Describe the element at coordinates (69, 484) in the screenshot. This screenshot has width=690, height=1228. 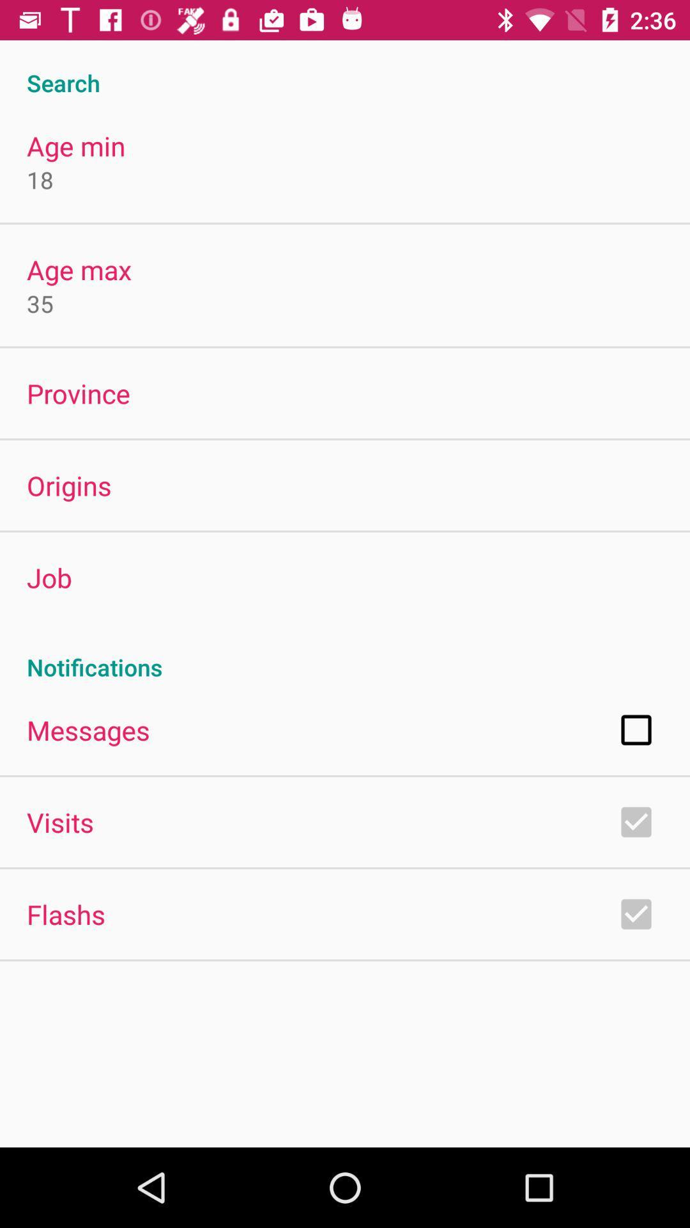
I see `origins app` at that location.